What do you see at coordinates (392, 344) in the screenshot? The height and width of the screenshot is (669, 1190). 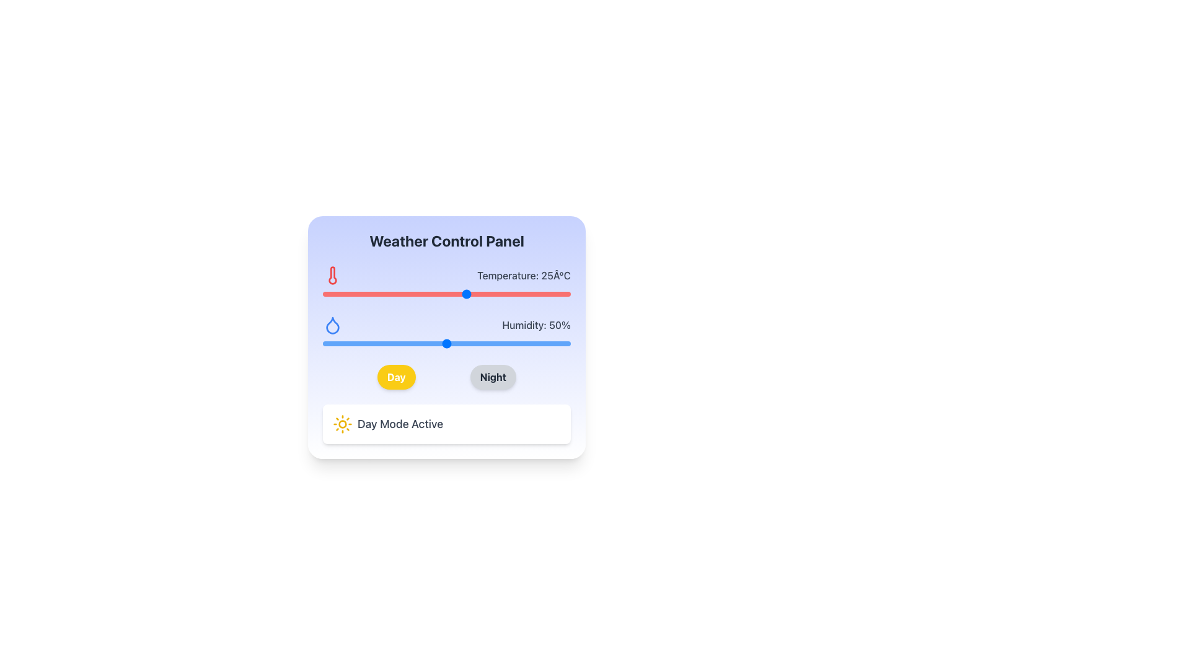 I see `humidity level` at bounding box center [392, 344].